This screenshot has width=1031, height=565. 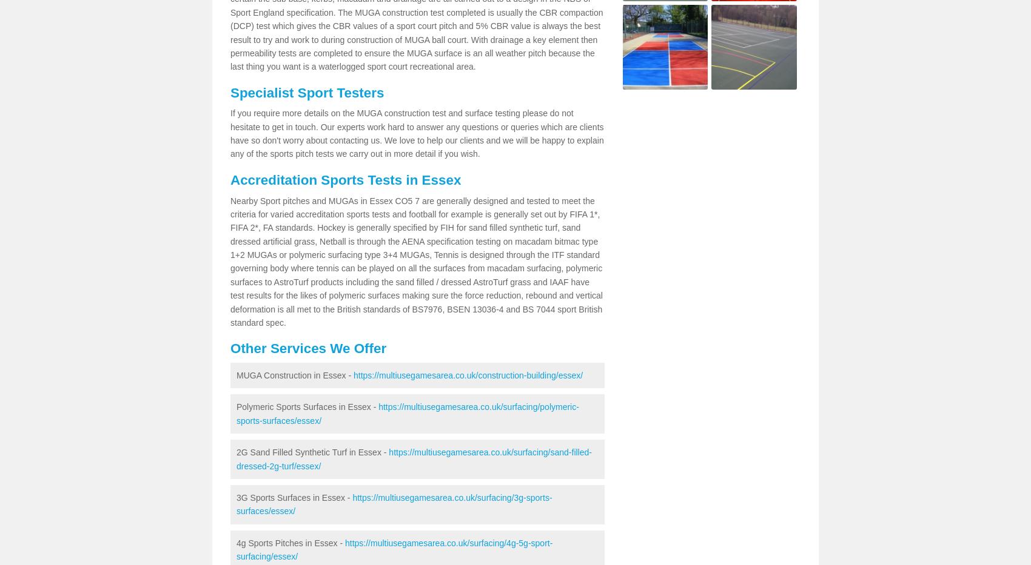 What do you see at coordinates (345, 179) in the screenshot?
I see `'Accreditation Sports Tests in Essex'` at bounding box center [345, 179].